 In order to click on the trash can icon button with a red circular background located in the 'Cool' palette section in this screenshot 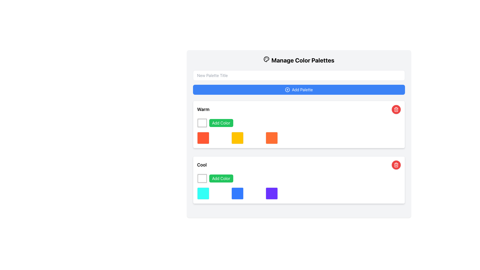, I will do `click(396, 109)`.